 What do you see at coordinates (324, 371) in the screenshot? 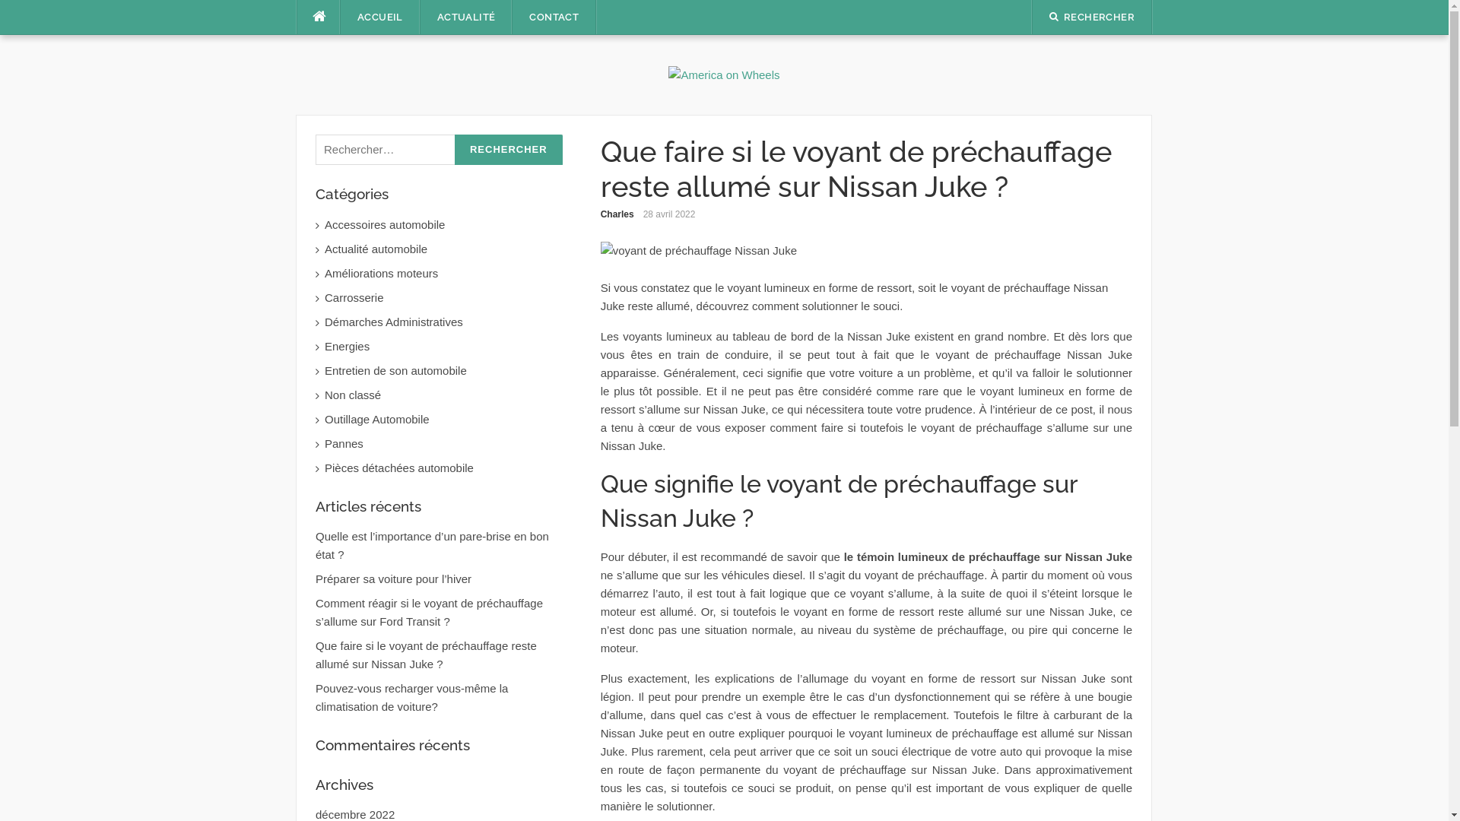
I see `'Entretien de son automobile'` at bounding box center [324, 371].